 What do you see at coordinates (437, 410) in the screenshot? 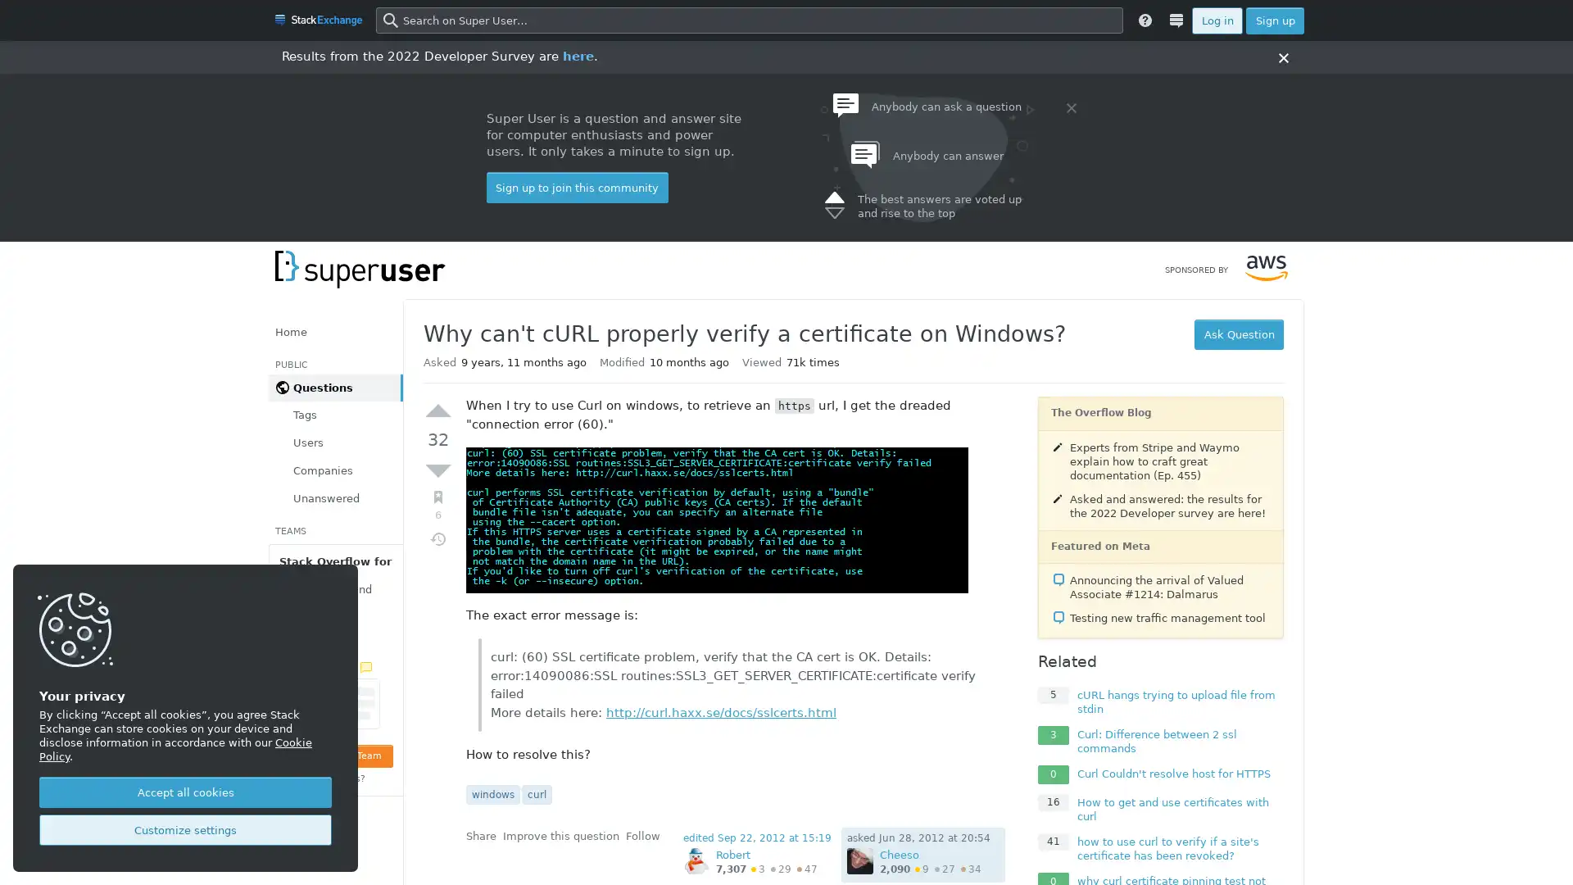
I see `Up vote` at bounding box center [437, 410].